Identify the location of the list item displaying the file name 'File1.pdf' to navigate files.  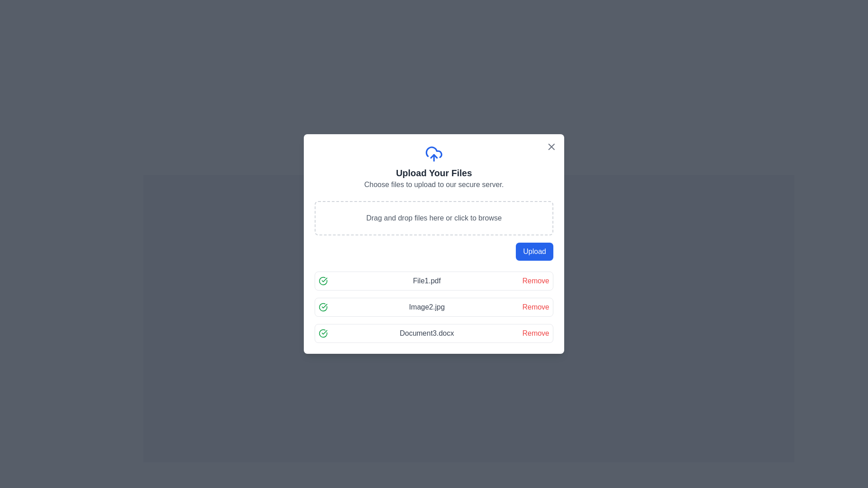
(434, 280).